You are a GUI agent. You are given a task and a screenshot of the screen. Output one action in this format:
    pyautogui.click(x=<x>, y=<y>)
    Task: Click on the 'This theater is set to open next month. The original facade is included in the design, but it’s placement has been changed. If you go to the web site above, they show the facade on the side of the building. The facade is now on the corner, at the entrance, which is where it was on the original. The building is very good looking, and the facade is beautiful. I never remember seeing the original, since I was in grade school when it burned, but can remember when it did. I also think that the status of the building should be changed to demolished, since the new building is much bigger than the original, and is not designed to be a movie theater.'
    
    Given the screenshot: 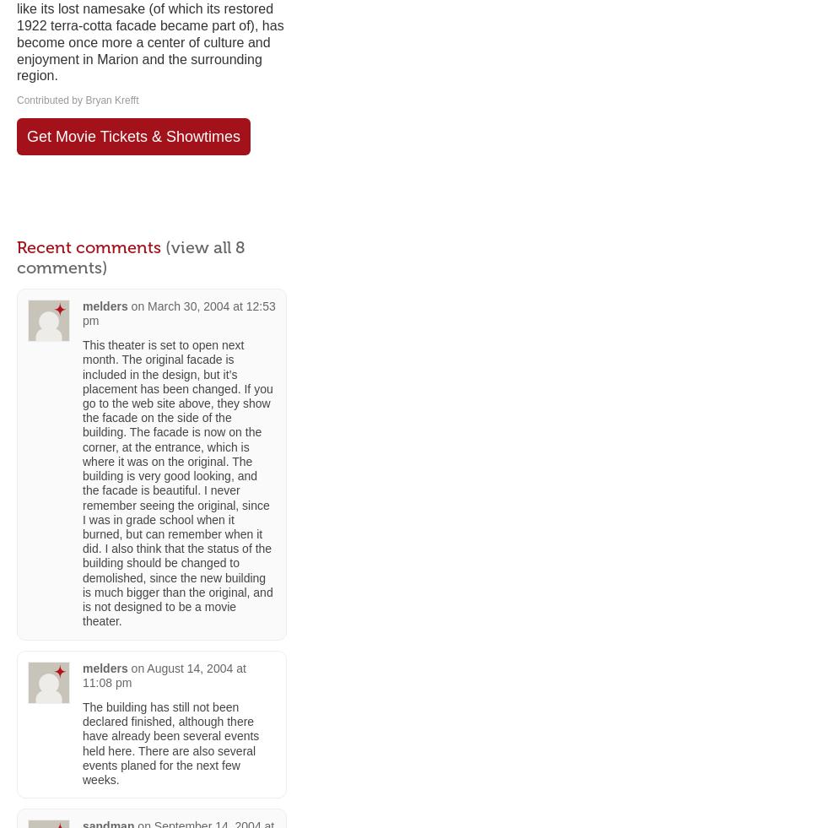 What is the action you would take?
    pyautogui.click(x=176, y=483)
    